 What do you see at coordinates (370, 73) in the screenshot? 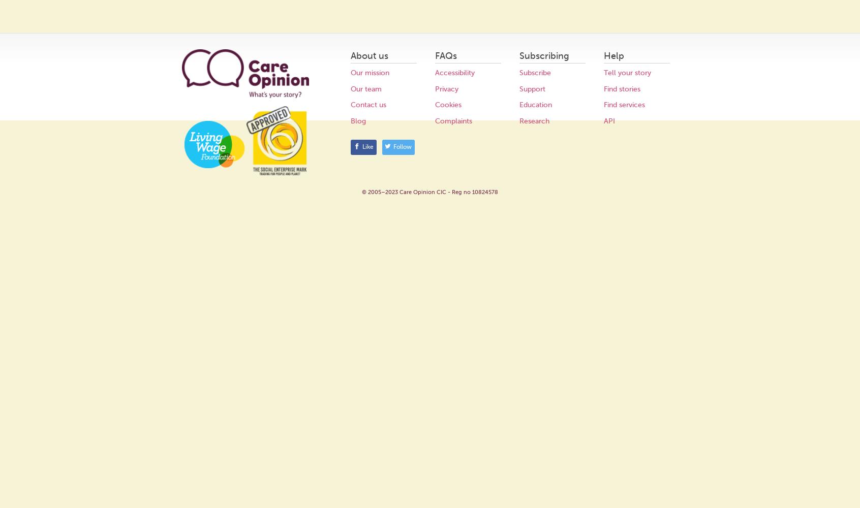
I see `'Our mission'` at bounding box center [370, 73].